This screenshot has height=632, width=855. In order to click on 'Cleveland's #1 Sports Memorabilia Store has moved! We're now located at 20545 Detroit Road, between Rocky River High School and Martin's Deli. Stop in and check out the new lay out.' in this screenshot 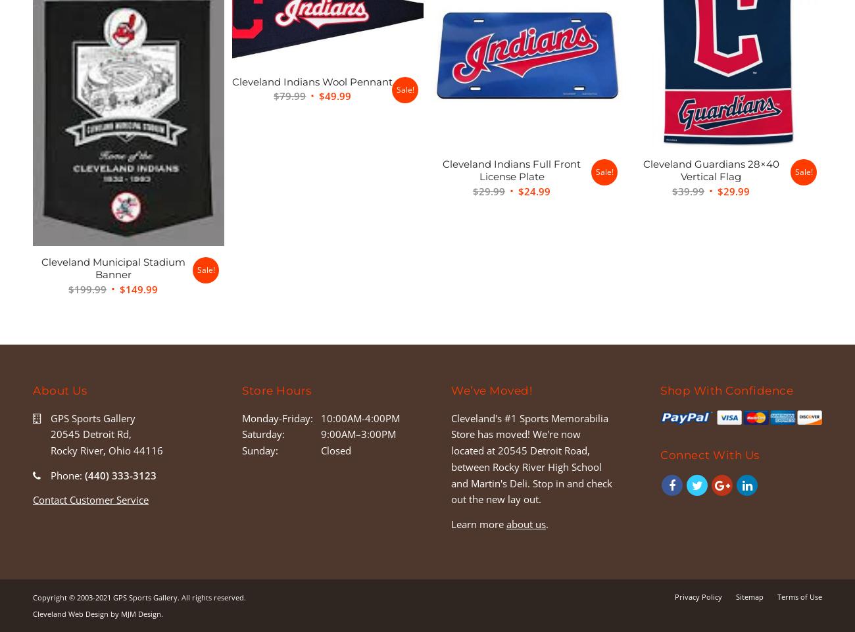, I will do `click(531, 458)`.